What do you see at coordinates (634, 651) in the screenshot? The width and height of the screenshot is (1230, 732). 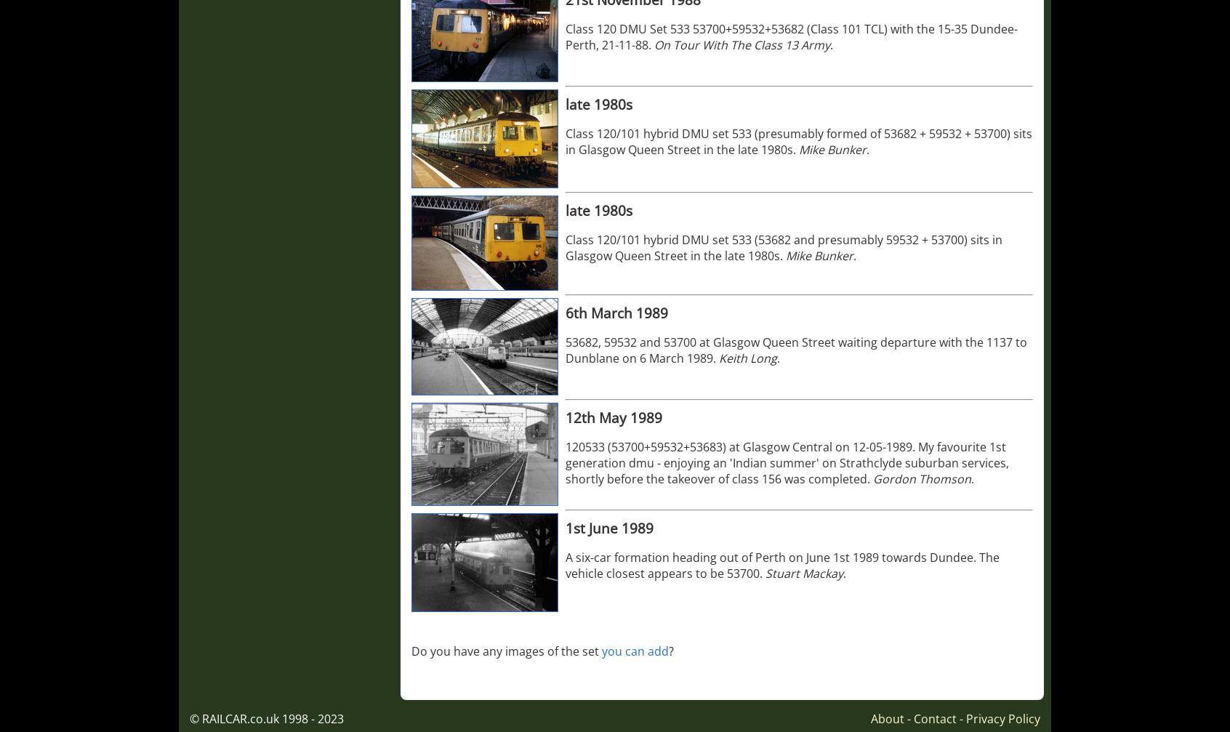 I see `'you can add'` at bounding box center [634, 651].